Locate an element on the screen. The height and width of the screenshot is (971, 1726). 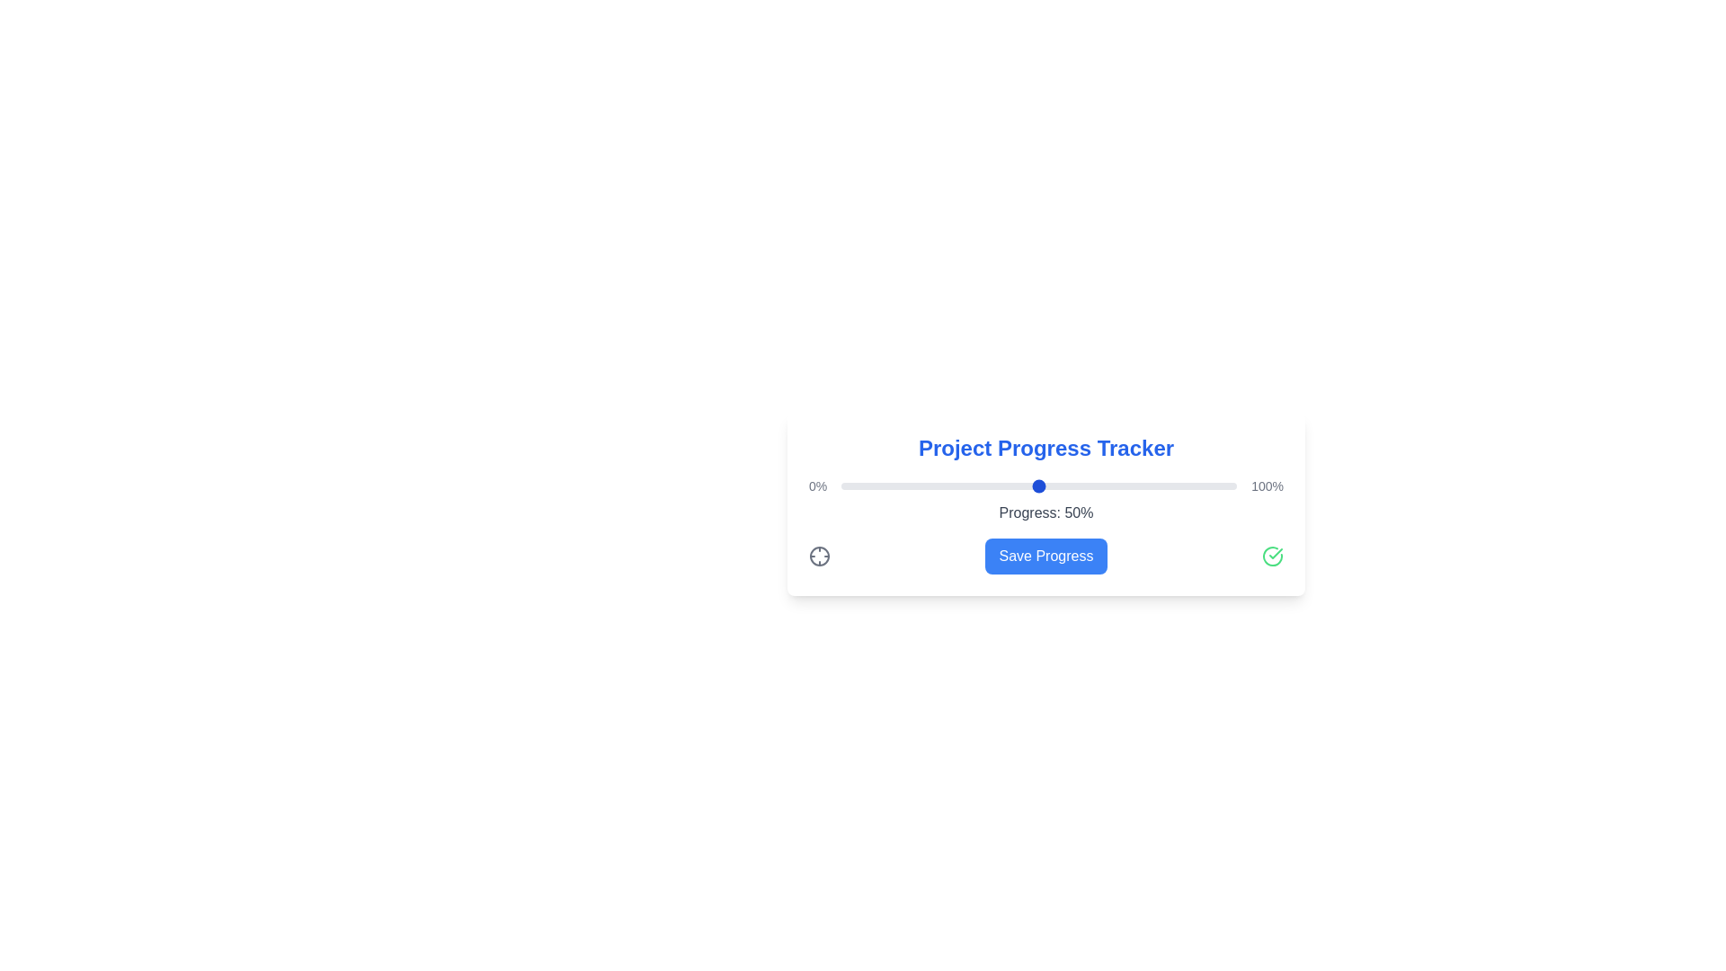
the slider to set the progress value to 60 is located at coordinates (1079, 485).